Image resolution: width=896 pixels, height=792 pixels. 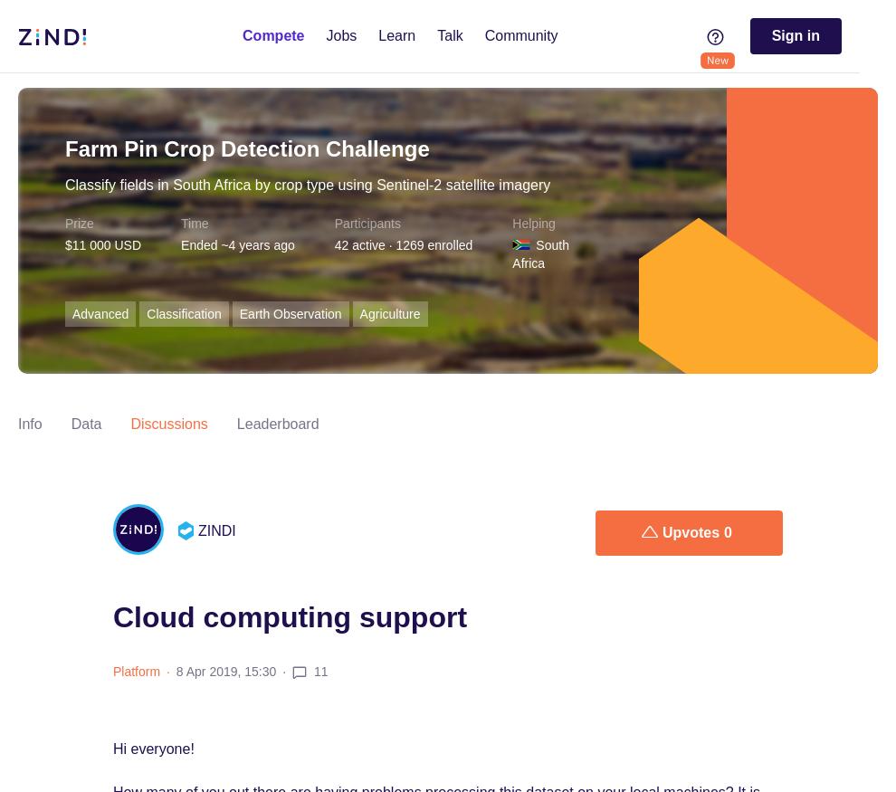 I want to click on 'Ended ~4 years ago', so click(x=179, y=243).